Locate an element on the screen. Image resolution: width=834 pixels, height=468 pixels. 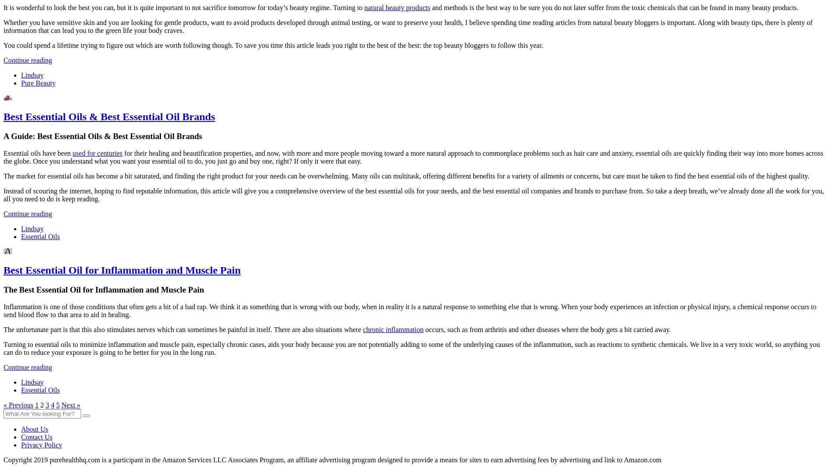
'Privacy Policy' is located at coordinates (41, 444).